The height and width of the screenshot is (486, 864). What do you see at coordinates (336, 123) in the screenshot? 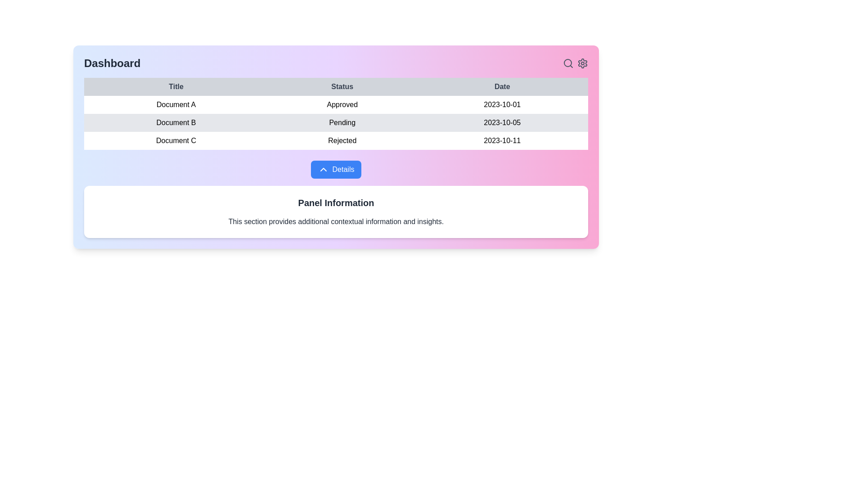
I see `on the second row of the table displaying 'Document B'` at bounding box center [336, 123].